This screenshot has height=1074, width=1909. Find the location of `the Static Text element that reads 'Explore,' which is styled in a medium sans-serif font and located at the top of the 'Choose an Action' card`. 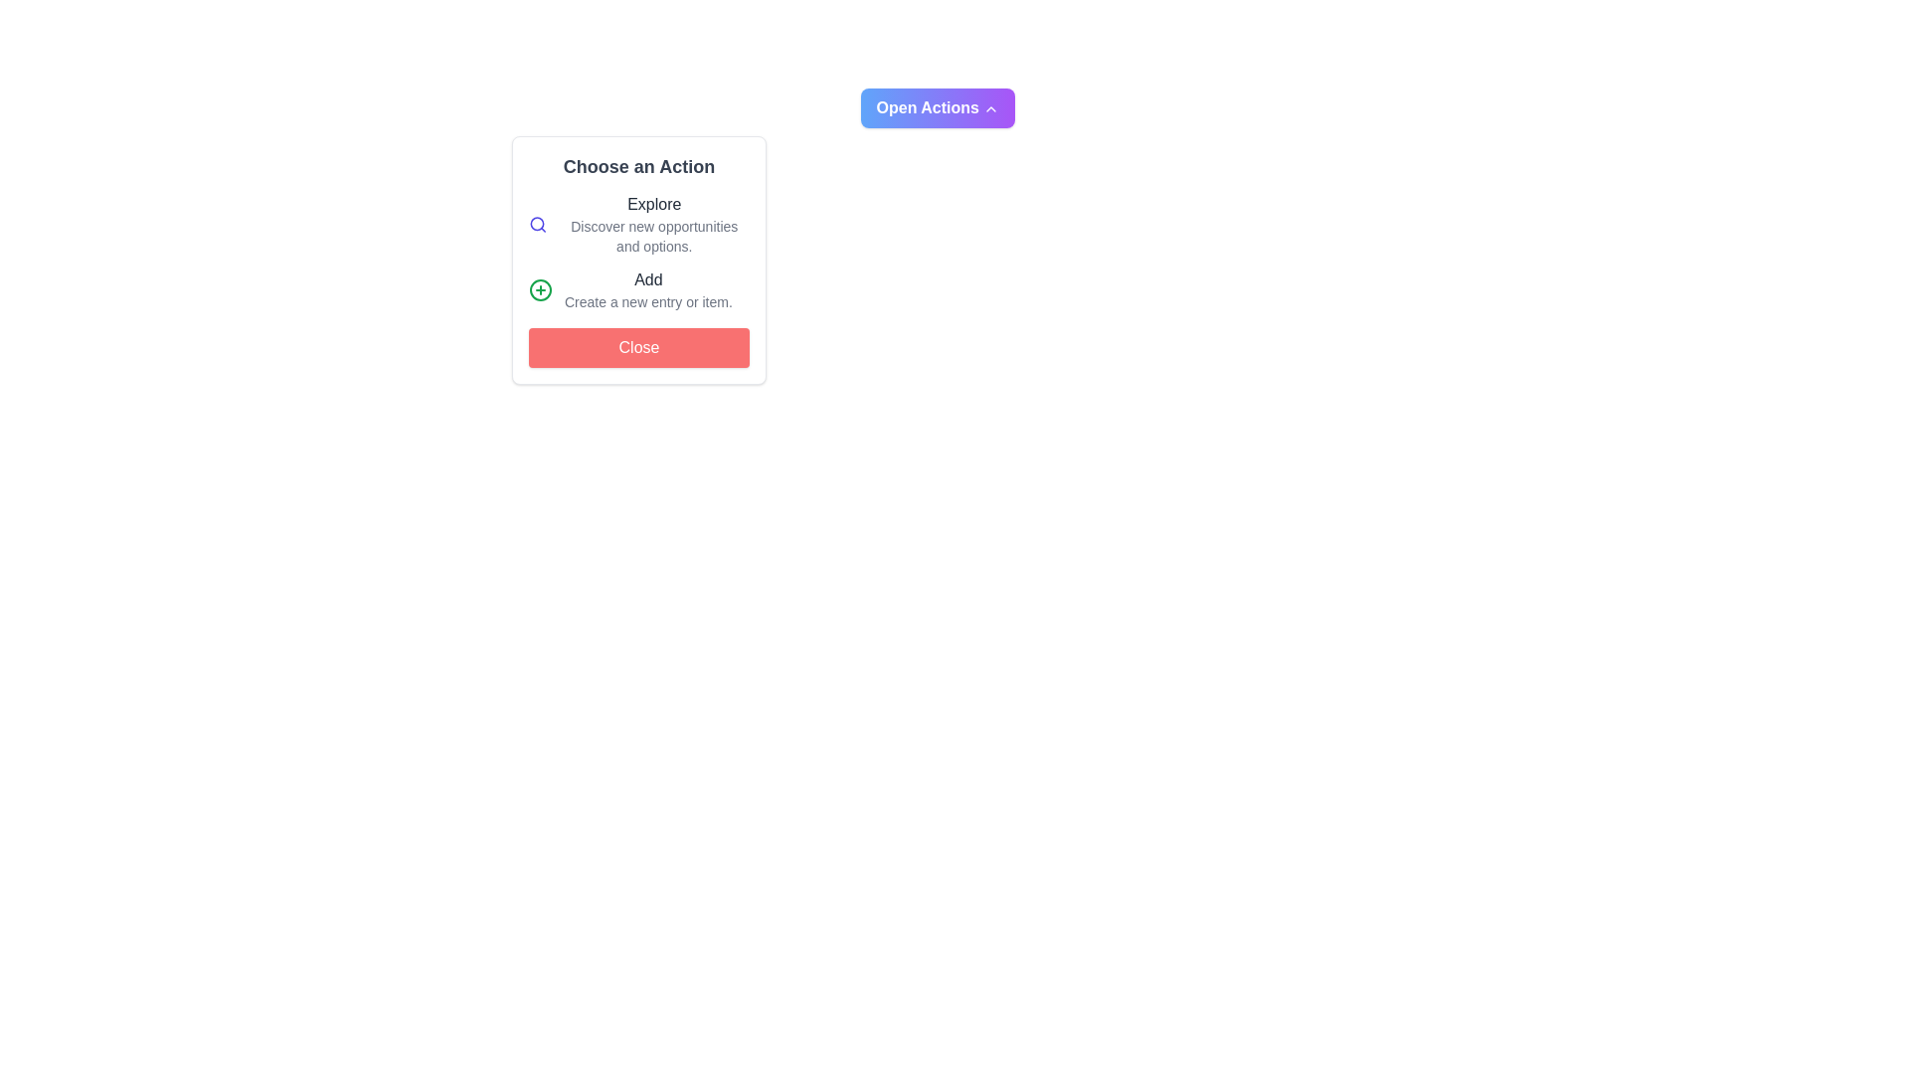

the Static Text element that reads 'Explore,' which is styled in a medium sans-serif font and located at the top of the 'Choose an Action' card is located at coordinates (654, 204).